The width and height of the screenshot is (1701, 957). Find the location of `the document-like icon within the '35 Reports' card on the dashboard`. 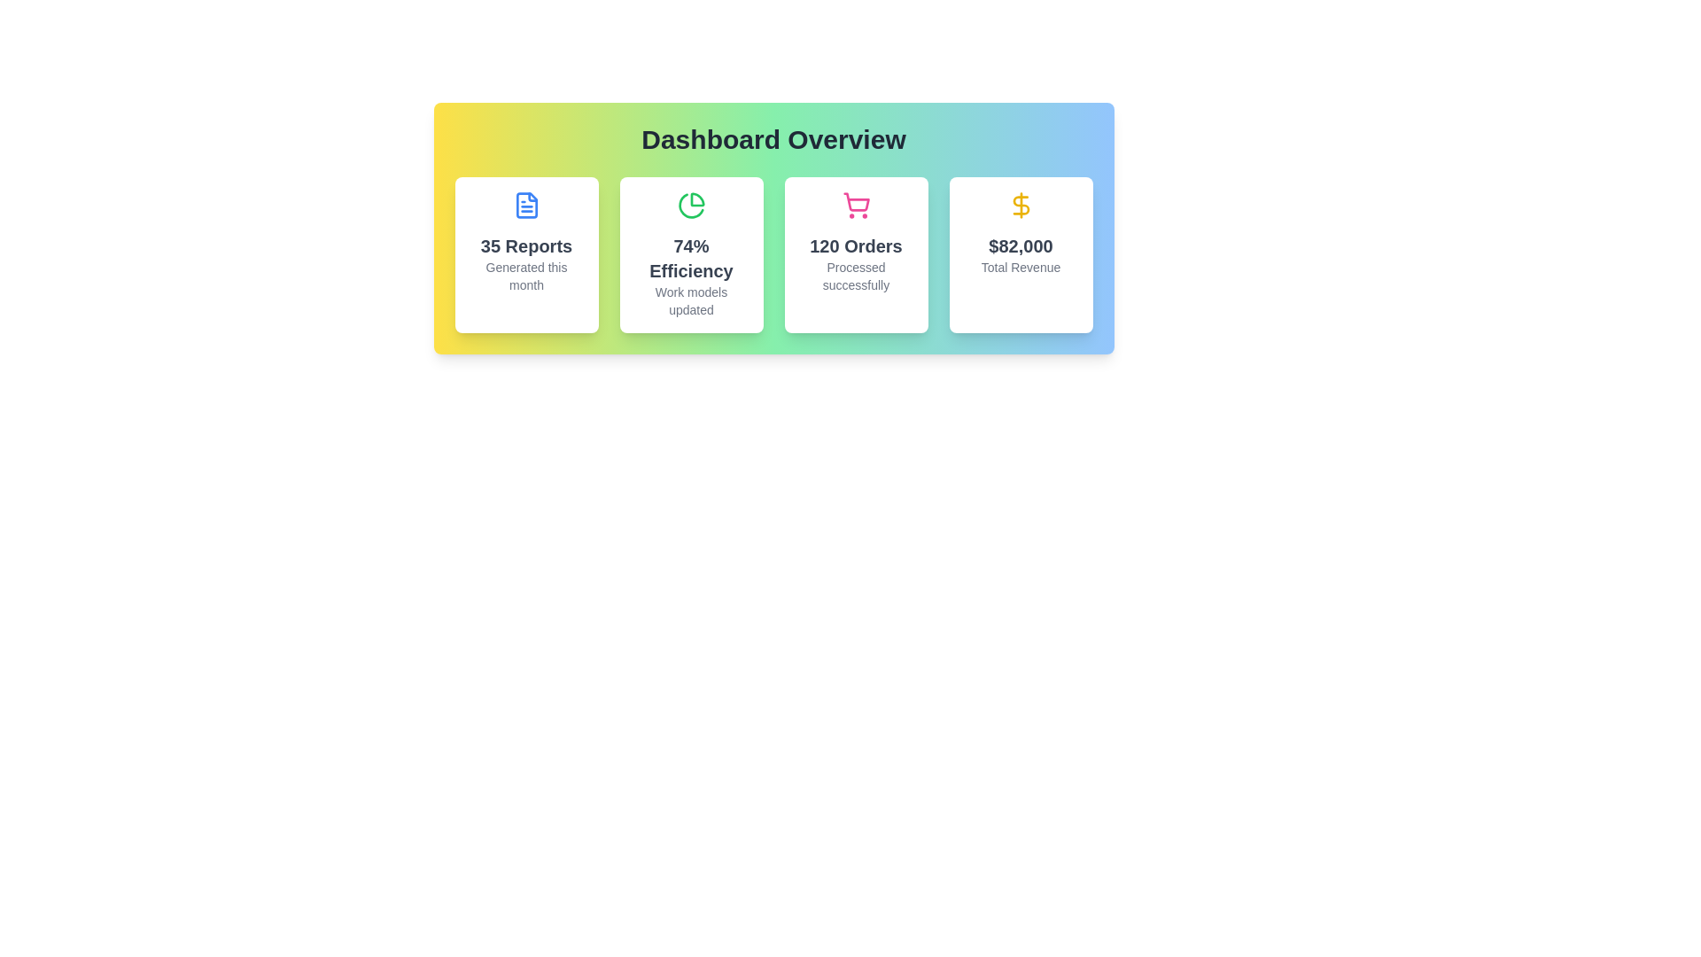

the document-like icon within the '35 Reports' card on the dashboard is located at coordinates (525, 204).